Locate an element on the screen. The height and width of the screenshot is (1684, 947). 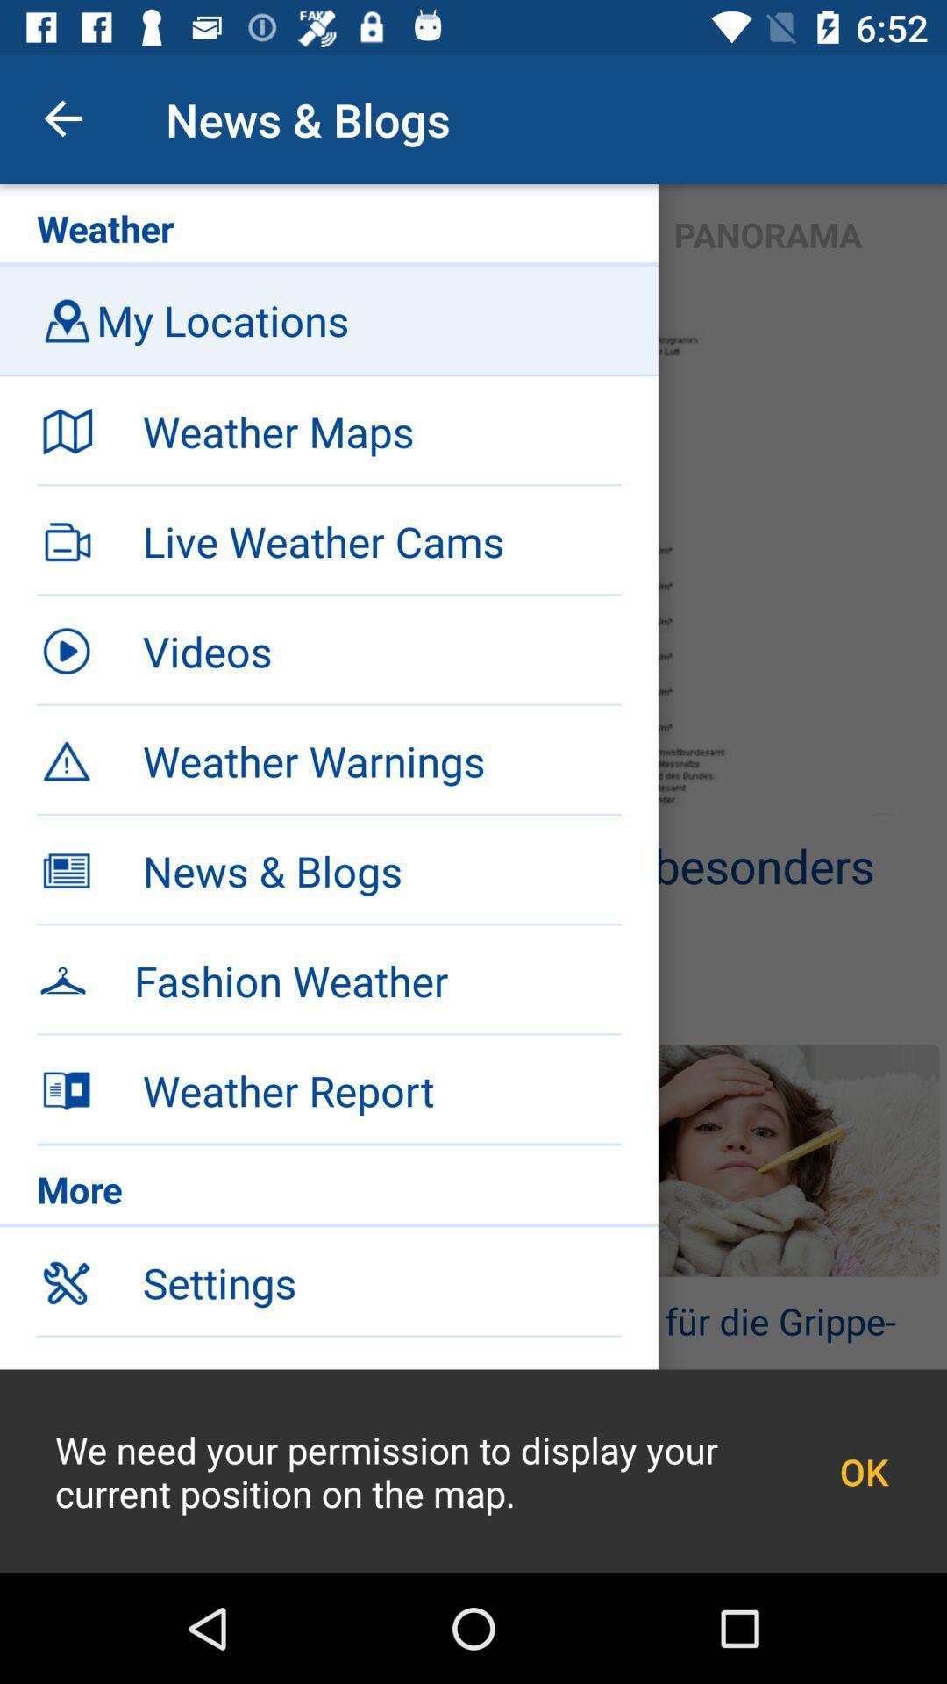
icon beside videos is located at coordinates (66, 650).